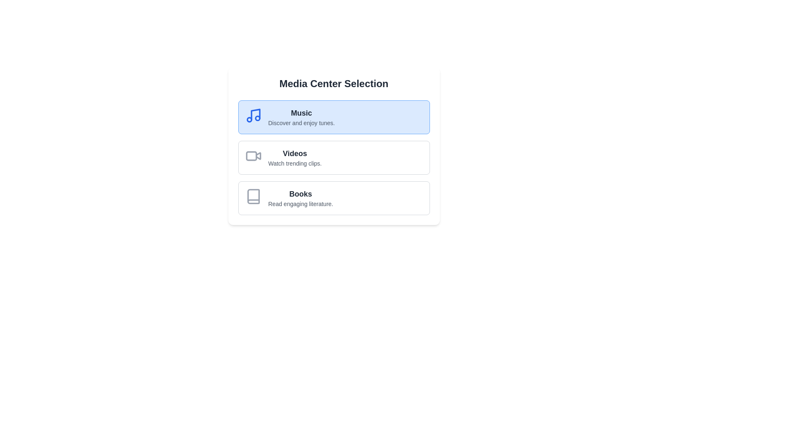  Describe the element at coordinates (300, 194) in the screenshot. I see `the 'Books' label, which is a large, bold text in dark gray located above the text 'Read engaging literature.' in the Media Center Selection section` at that location.